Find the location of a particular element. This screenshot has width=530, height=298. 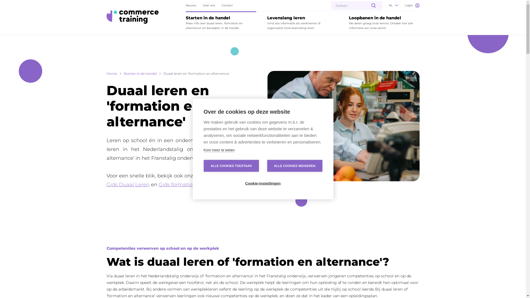

'Gids formation en Alternance' is located at coordinates (195, 184).